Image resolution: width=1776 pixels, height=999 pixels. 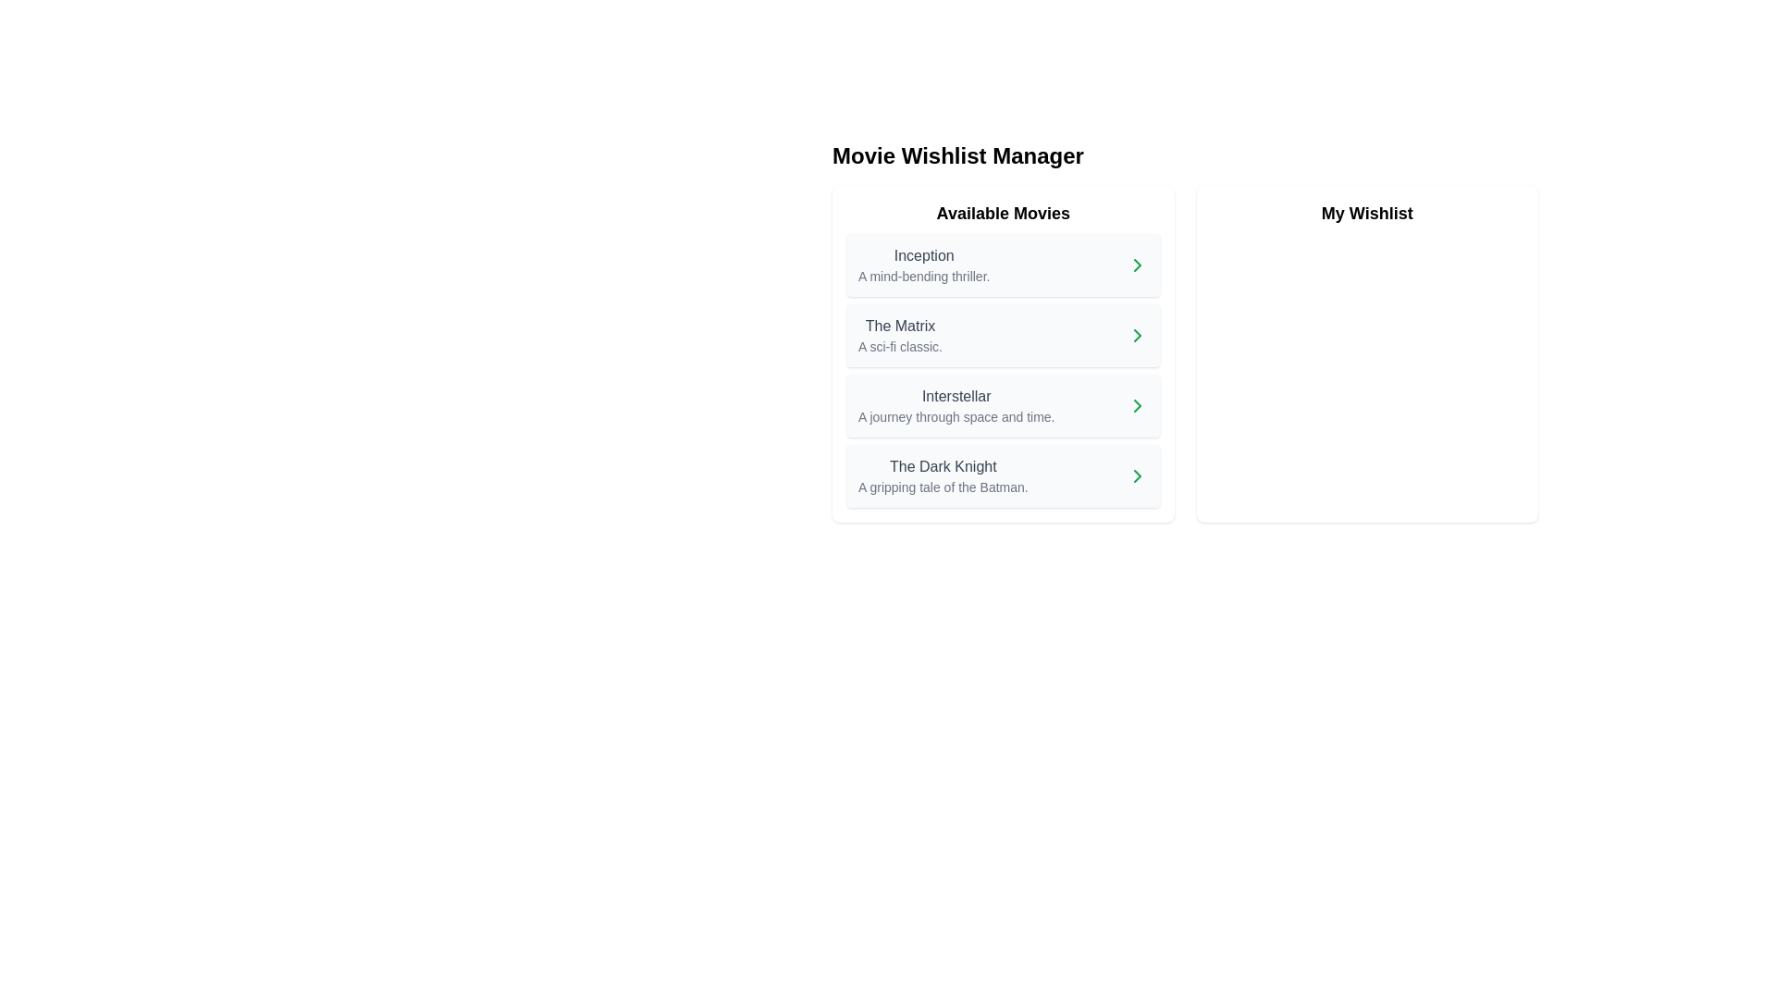 I want to click on the right-pointing green chevron icon button located at the far right of the movie item labeled 'Interstellar' in the 'Available Movies' section of the 'Movie Wishlist Manager' interface, so click(x=1136, y=405).